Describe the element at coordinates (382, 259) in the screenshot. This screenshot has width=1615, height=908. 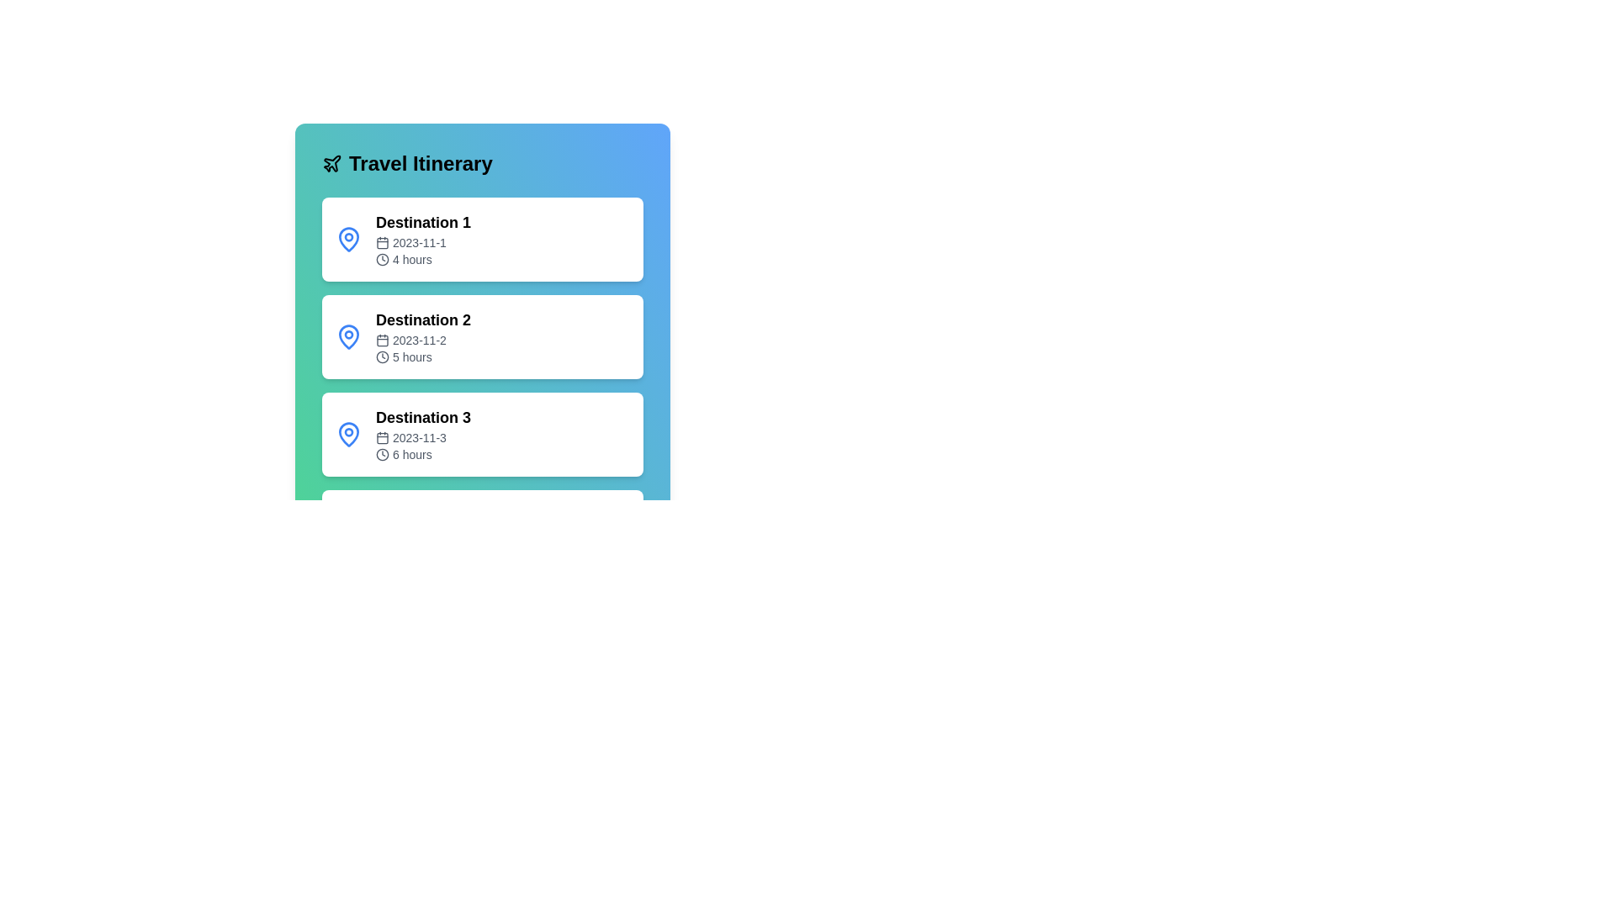
I see `the clock icon located to the left of the '4 hours' text in the first destination entry of the itinerary list` at that location.